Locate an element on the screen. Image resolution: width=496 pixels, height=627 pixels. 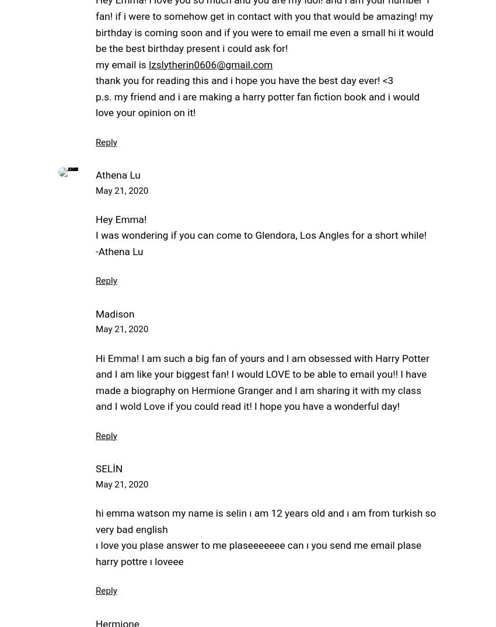
'SELİN' is located at coordinates (109, 468).